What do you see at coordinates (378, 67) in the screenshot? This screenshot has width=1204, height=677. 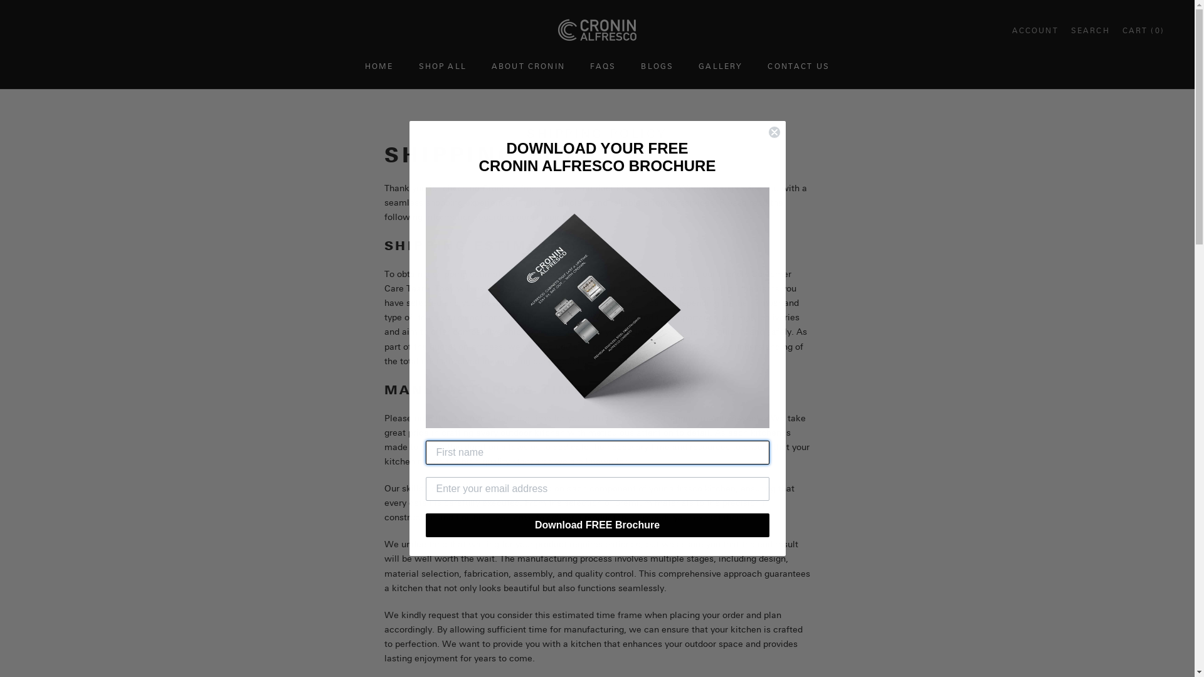 I see `'HOME'` at bounding box center [378, 67].